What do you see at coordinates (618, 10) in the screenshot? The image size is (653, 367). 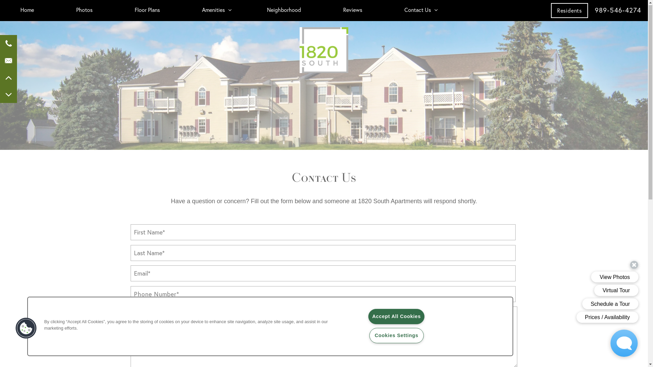 I see `'989-546-4274'` at bounding box center [618, 10].